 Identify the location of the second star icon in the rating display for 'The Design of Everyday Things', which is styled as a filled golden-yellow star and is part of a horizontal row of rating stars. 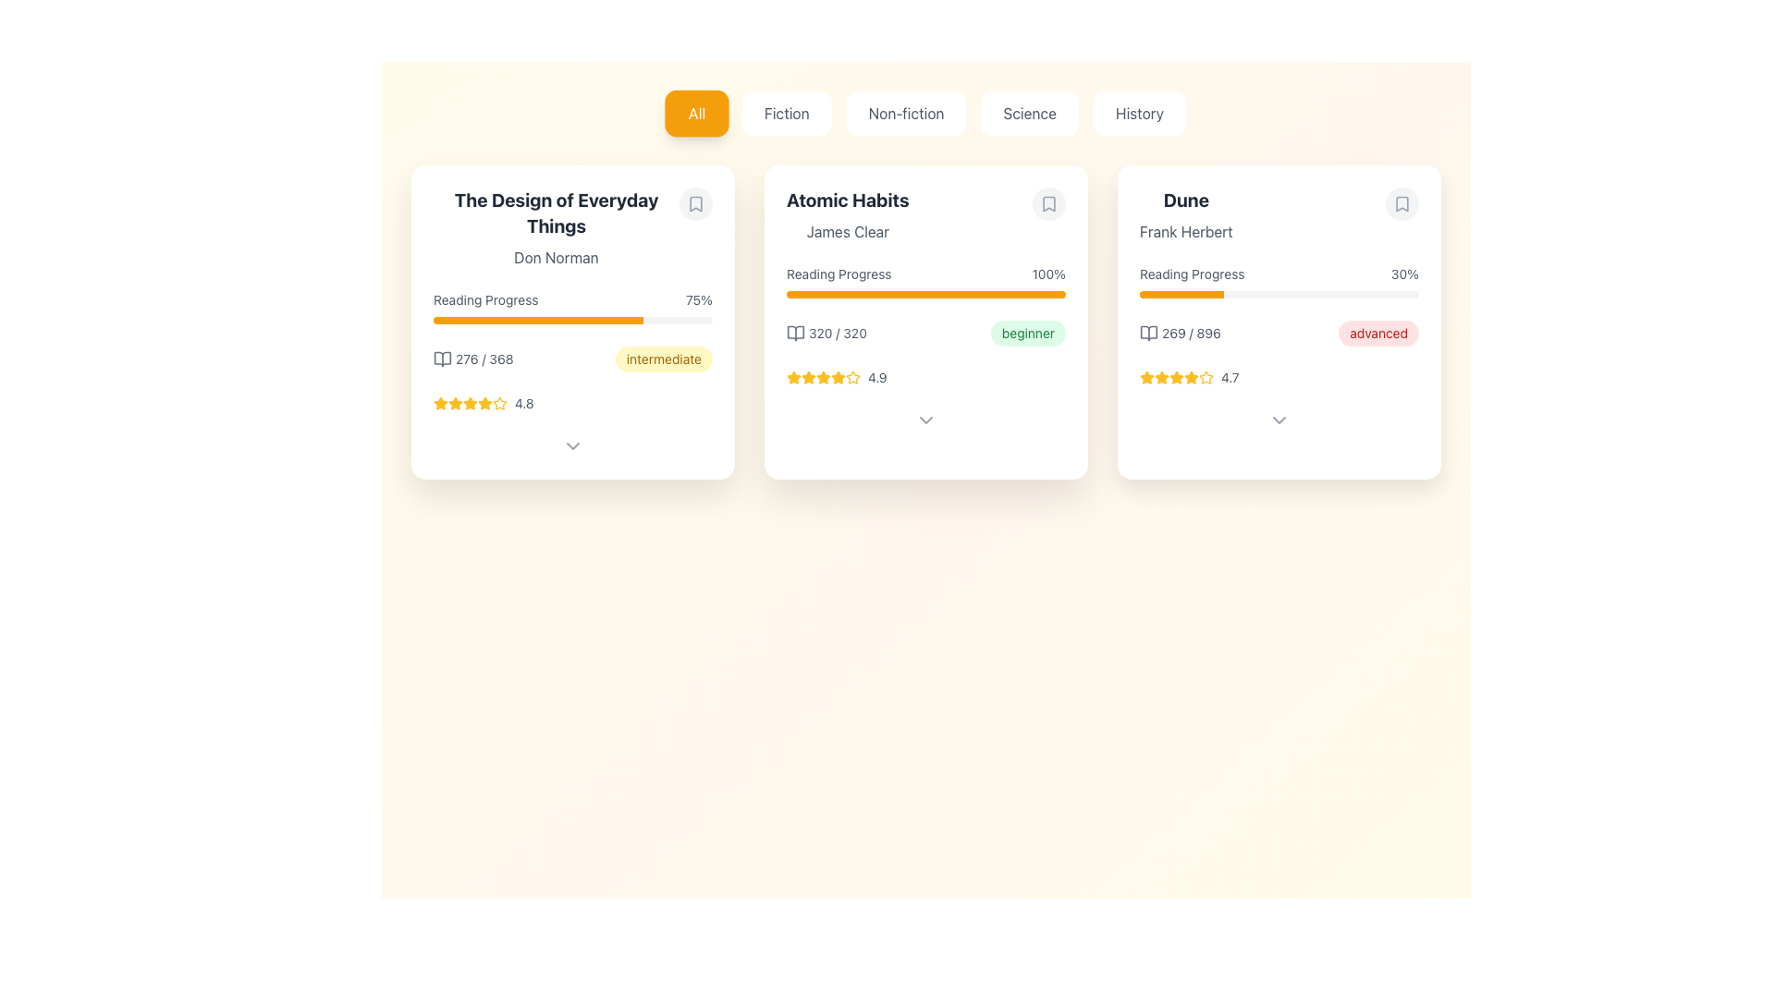
(456, 402).